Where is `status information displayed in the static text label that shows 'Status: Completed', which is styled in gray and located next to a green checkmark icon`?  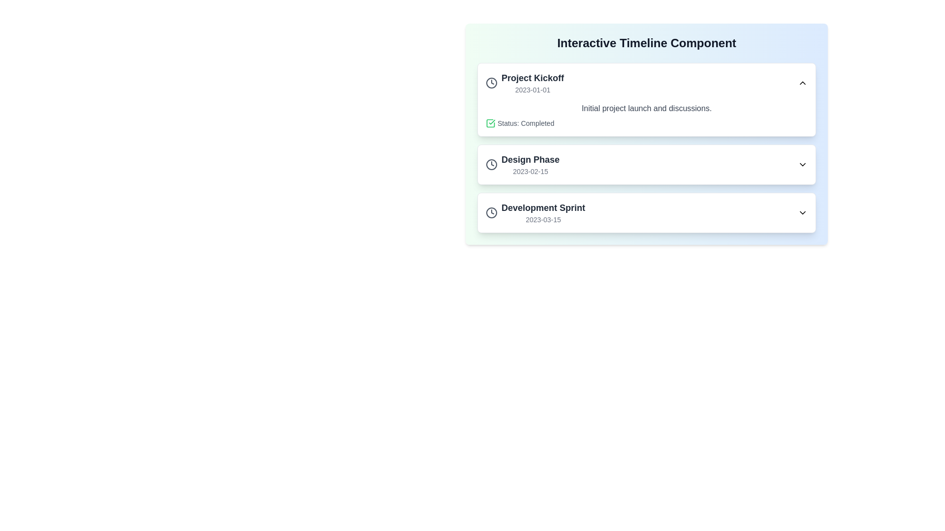
status information displayed in the static text label that shows 'Status: Completed', which is styled in gray and located next to a green checkmark icon is located at coordinates (525, 122).